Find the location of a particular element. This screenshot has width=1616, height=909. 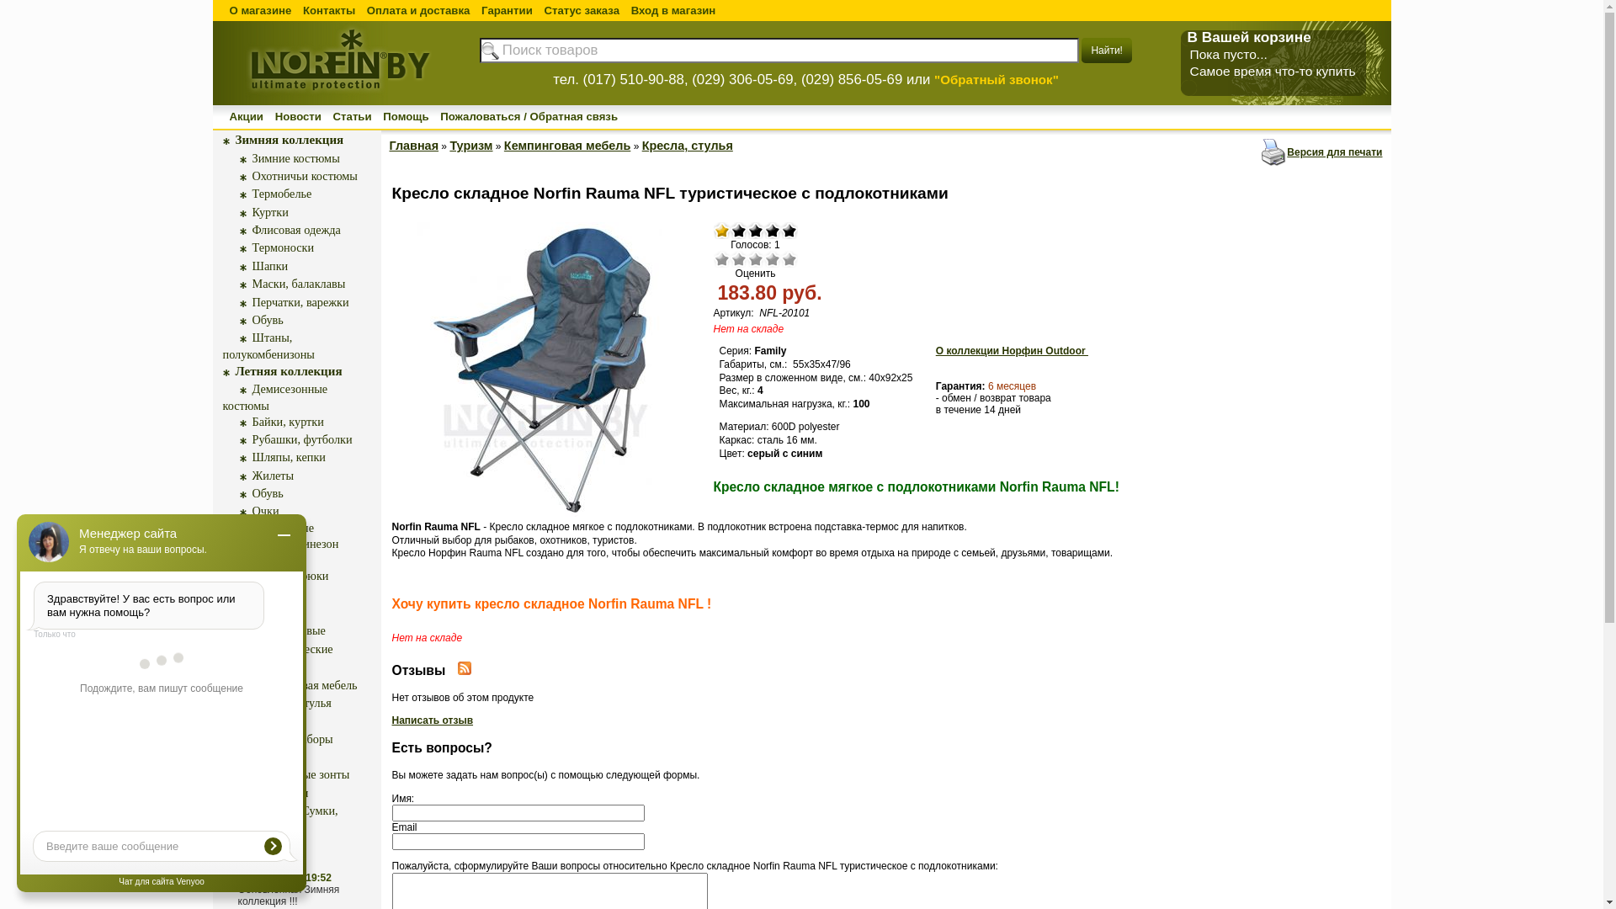

'LOGO' is located at coordinates (336, 103).